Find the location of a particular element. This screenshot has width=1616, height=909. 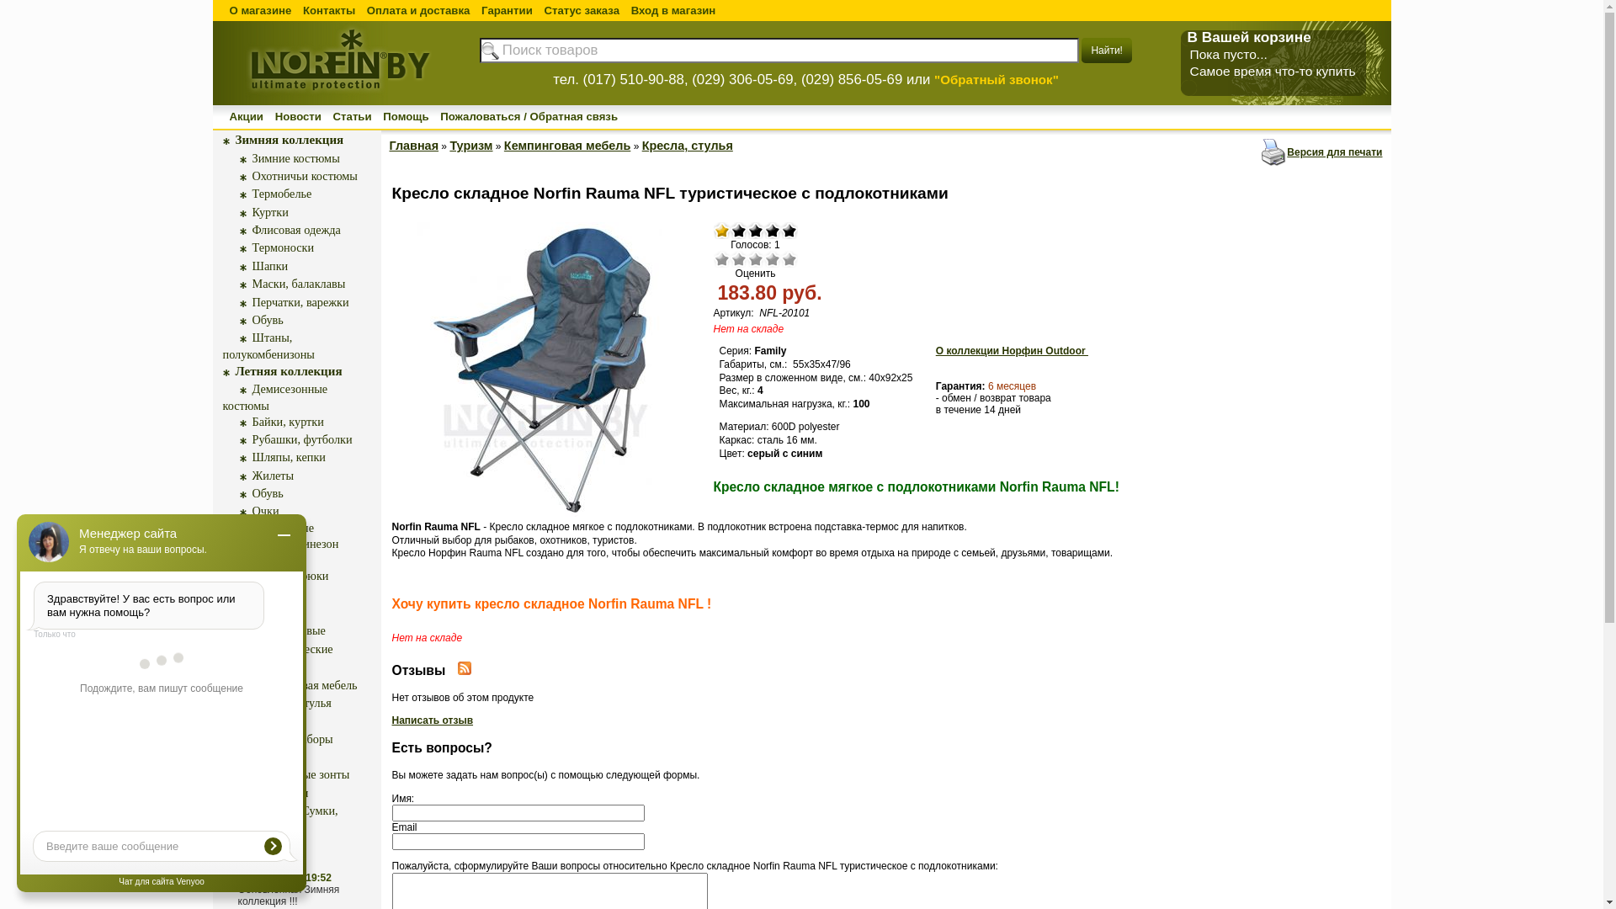

'LOGO' is located at coordinates (336, 103).